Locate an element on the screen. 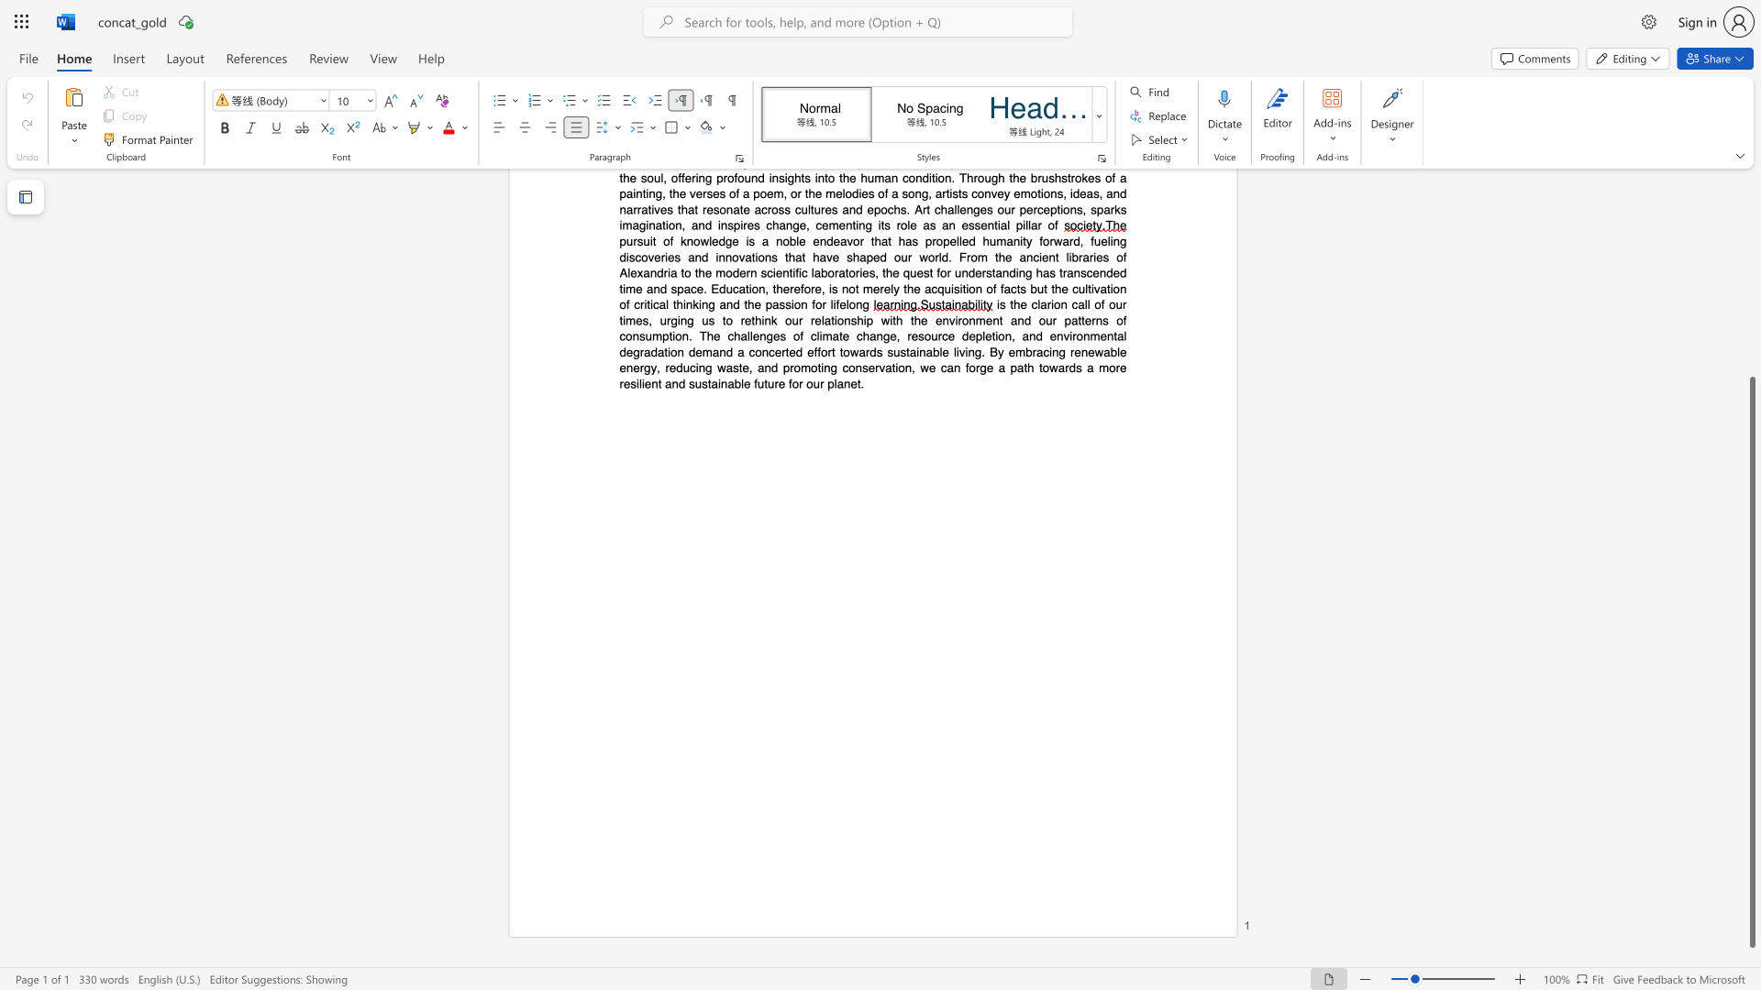 The width and height of the screenshot is (1761, 990). the scrollbar and move down 10 pixels is located at coordinates (1751, 662).